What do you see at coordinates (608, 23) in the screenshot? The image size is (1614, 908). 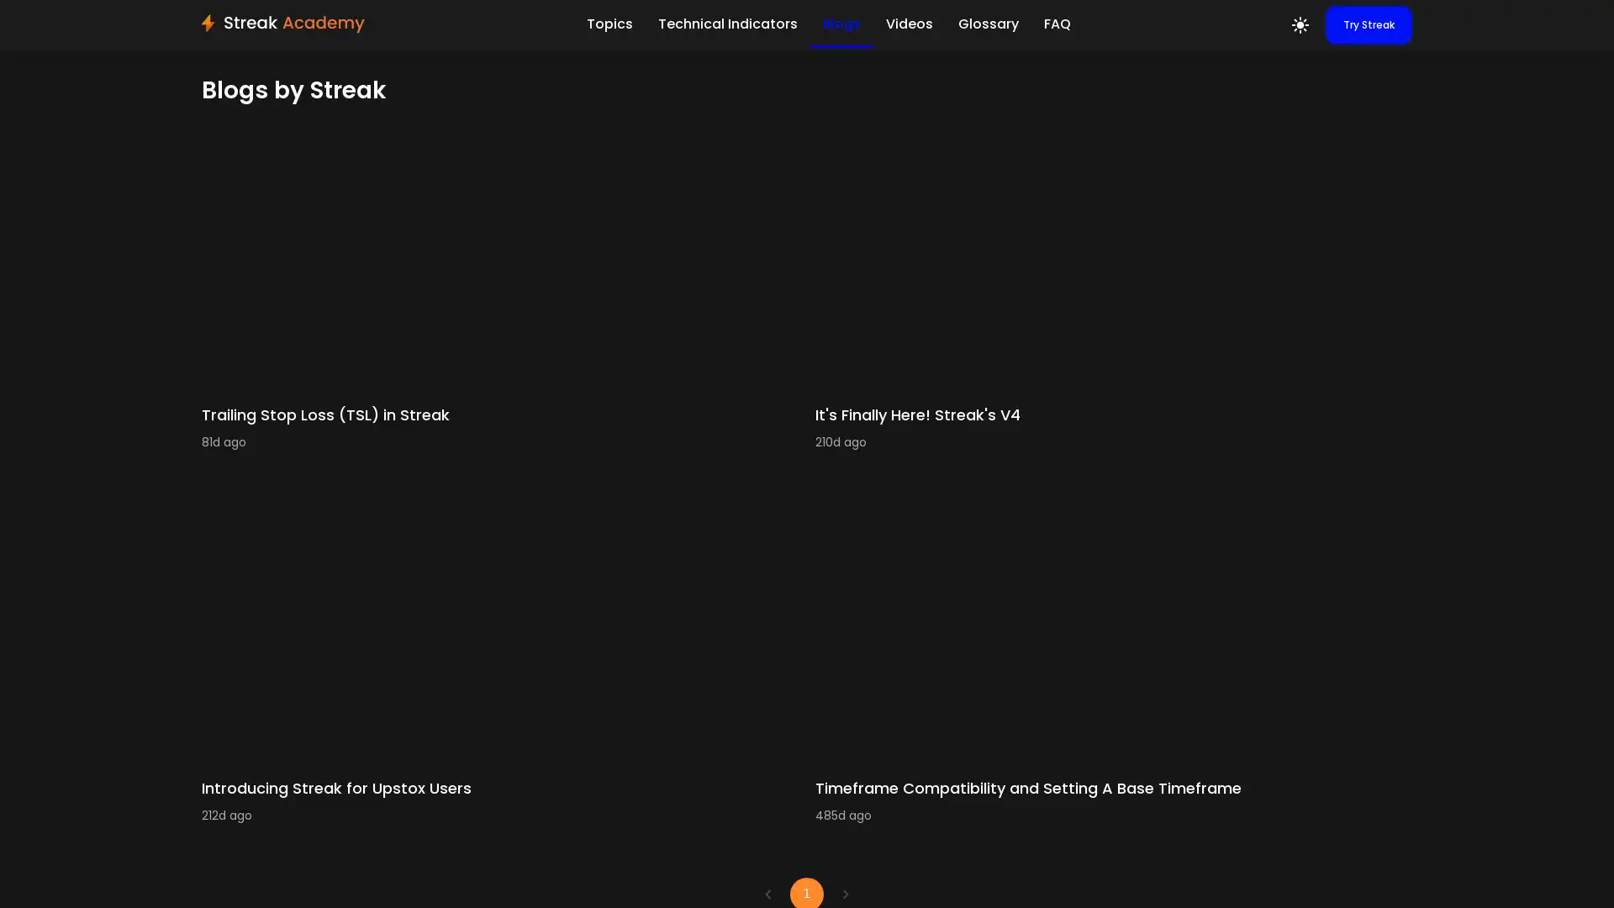 I see `Topics` at bounding box center [608, 23].